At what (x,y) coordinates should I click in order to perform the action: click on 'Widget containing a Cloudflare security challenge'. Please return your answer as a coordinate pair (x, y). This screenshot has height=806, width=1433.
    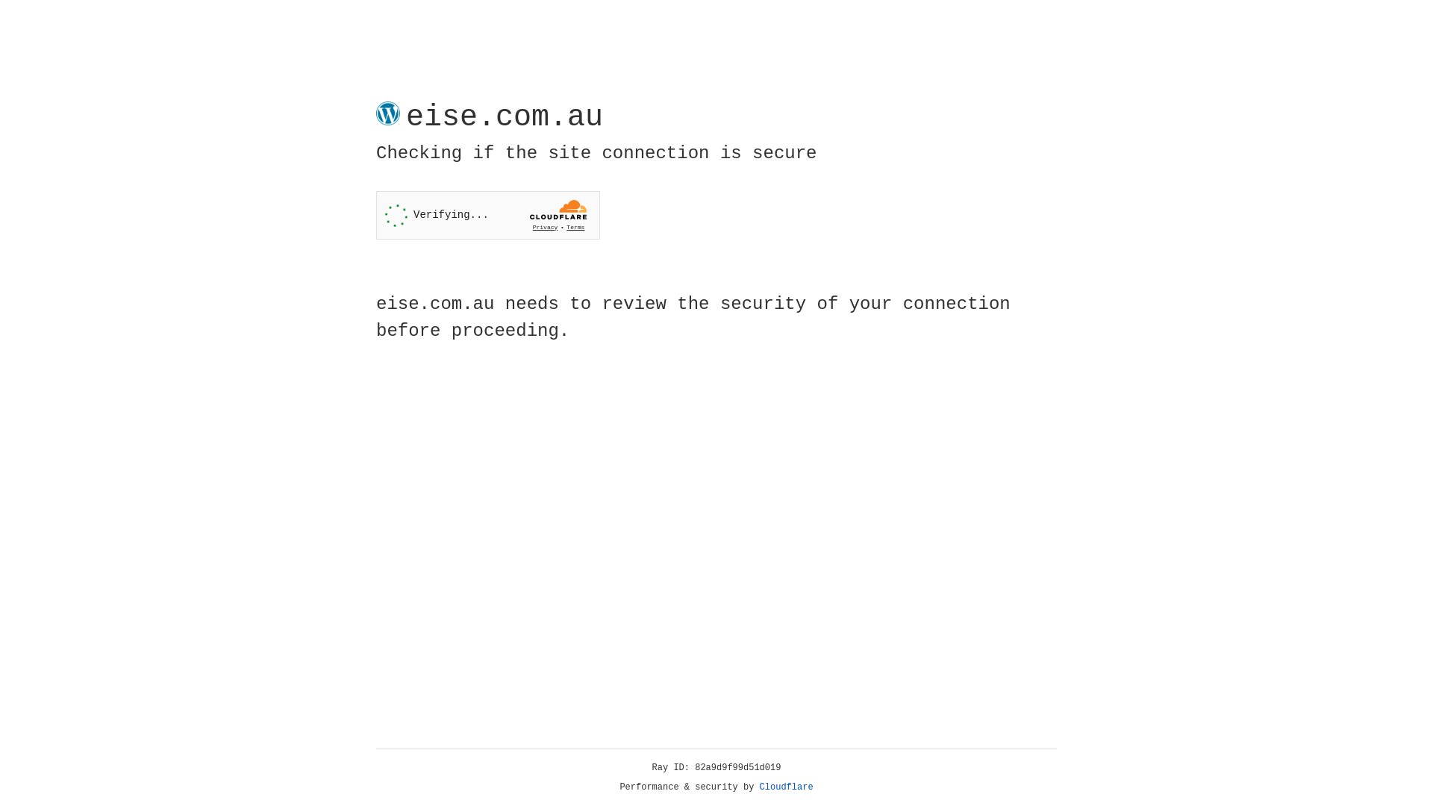
    Looking at the image, I should click on (487, 215).